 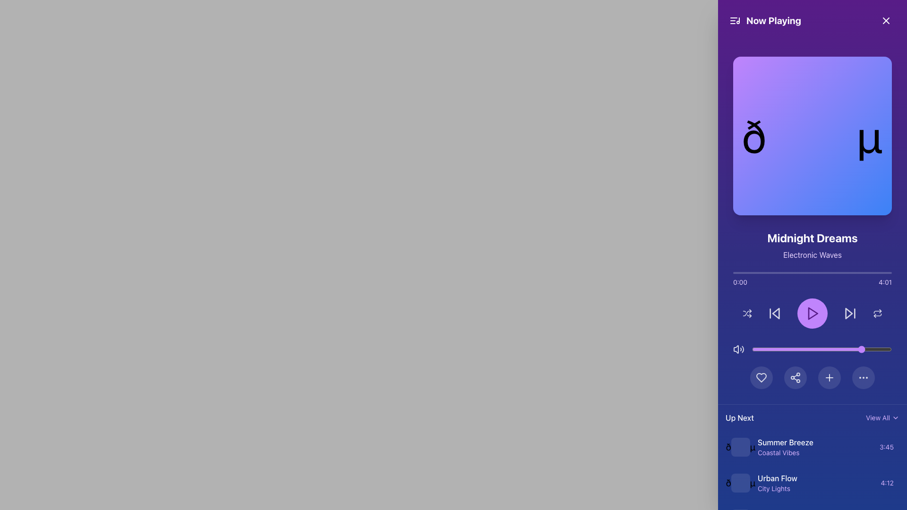 I want to click on the content of the Text Display (Title and Subtitle Pair) which shows 'Summer Breeze' in white bold font and 'Coastal Vibes' in light purple font, located in the 'Up Next' list of the music interface, so click(x=814, y=447).